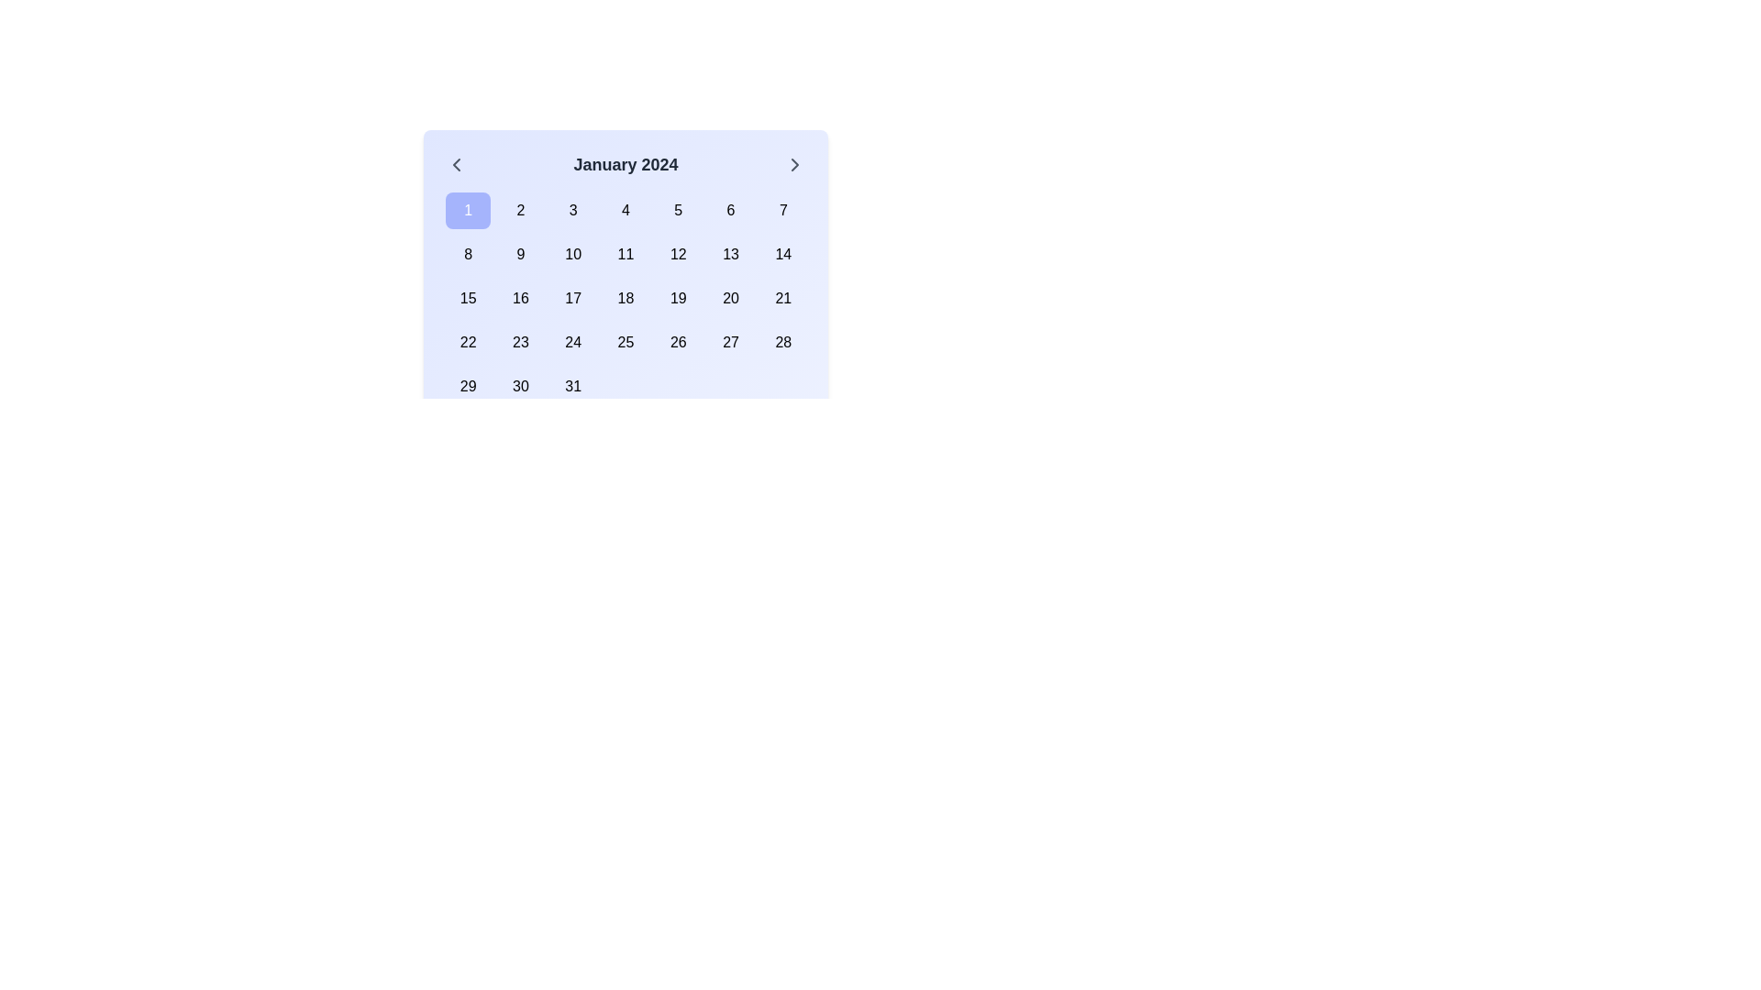  What do you see at coordinates (626, 210) in the screenshot?
I see `the button representing the numerical day '4' in the January 2024 calendar` at bounding box center [626, 210].